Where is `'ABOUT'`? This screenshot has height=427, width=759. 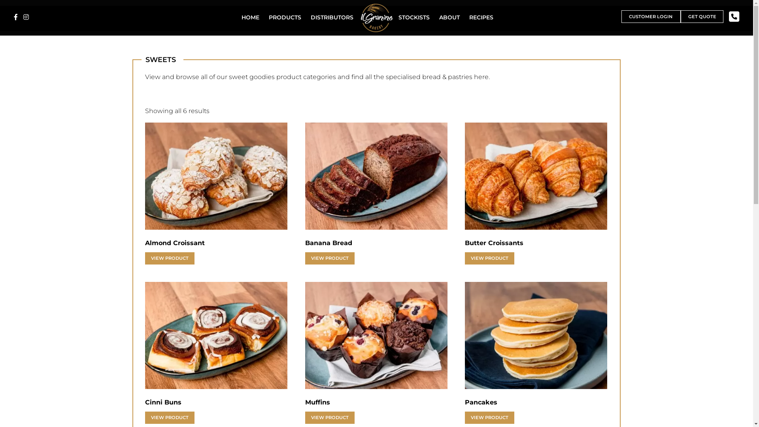
'ABOUT' is located at coordinates (449, 17).